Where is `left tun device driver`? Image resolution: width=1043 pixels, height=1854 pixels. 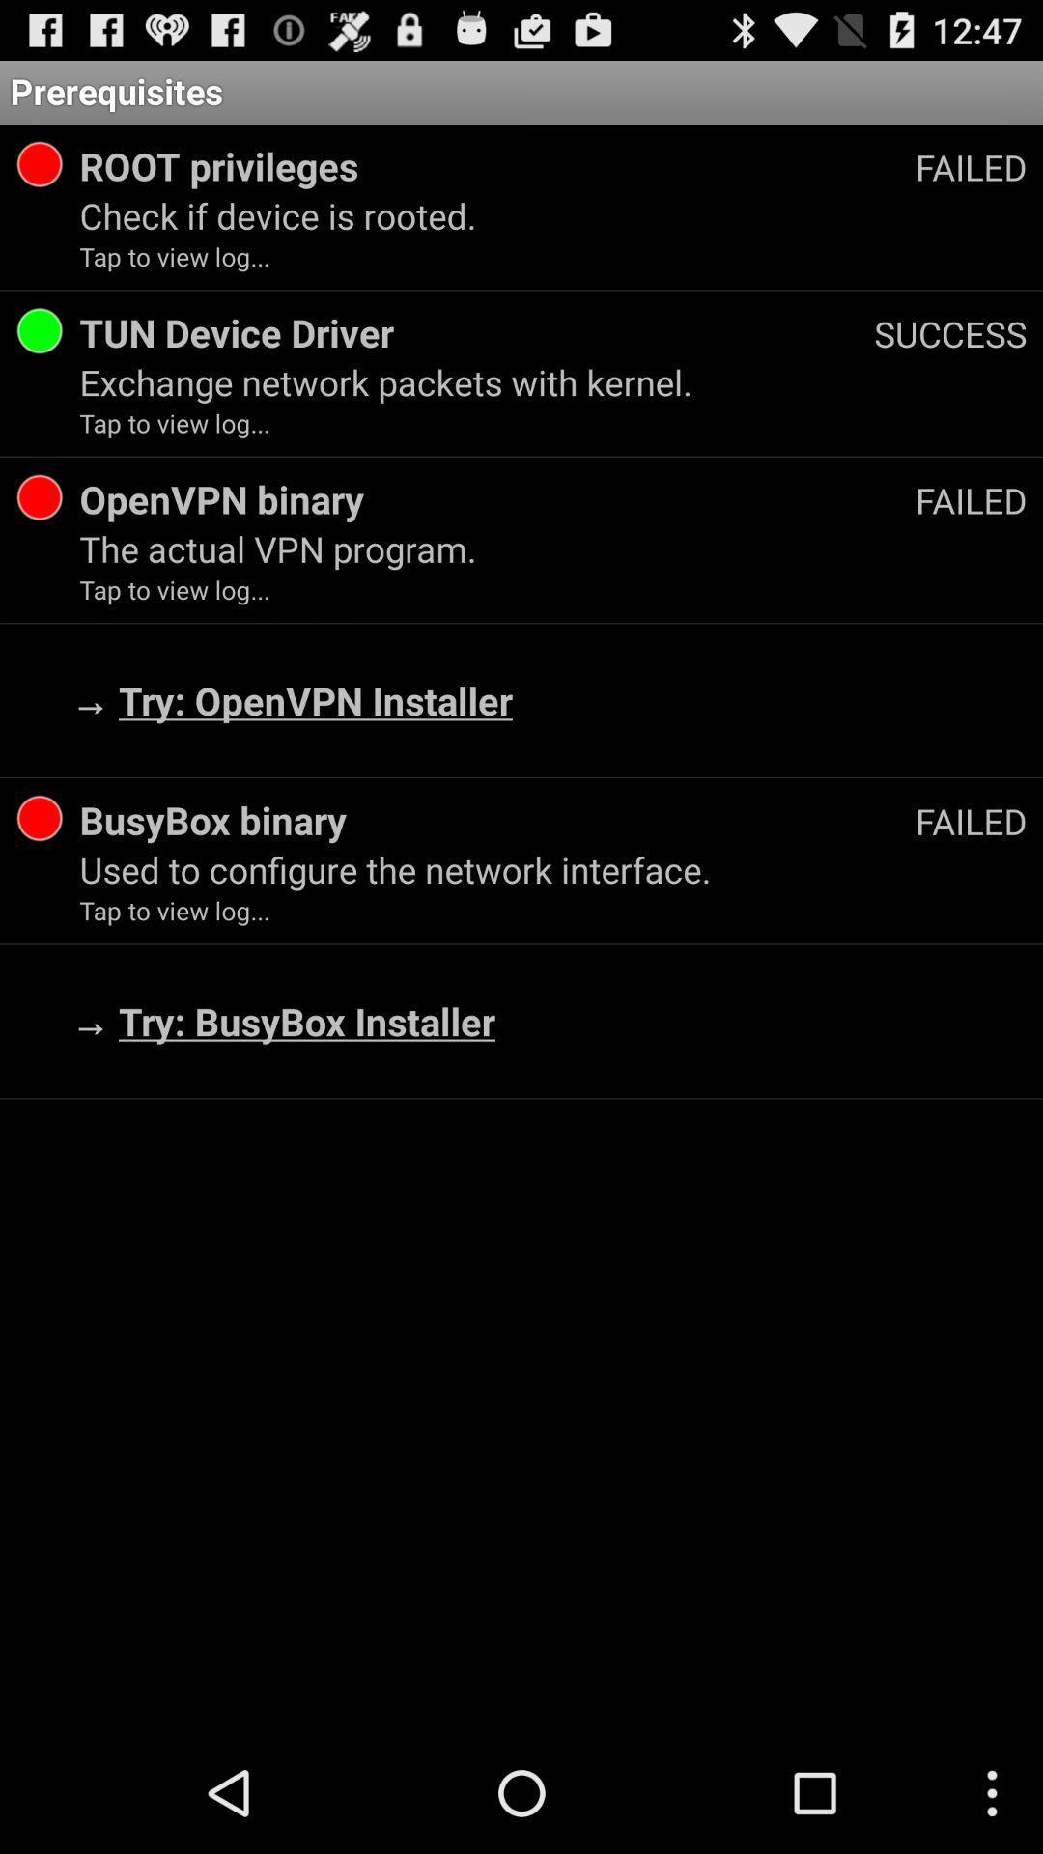 left tun device driver is located at coordinates (40, 330).